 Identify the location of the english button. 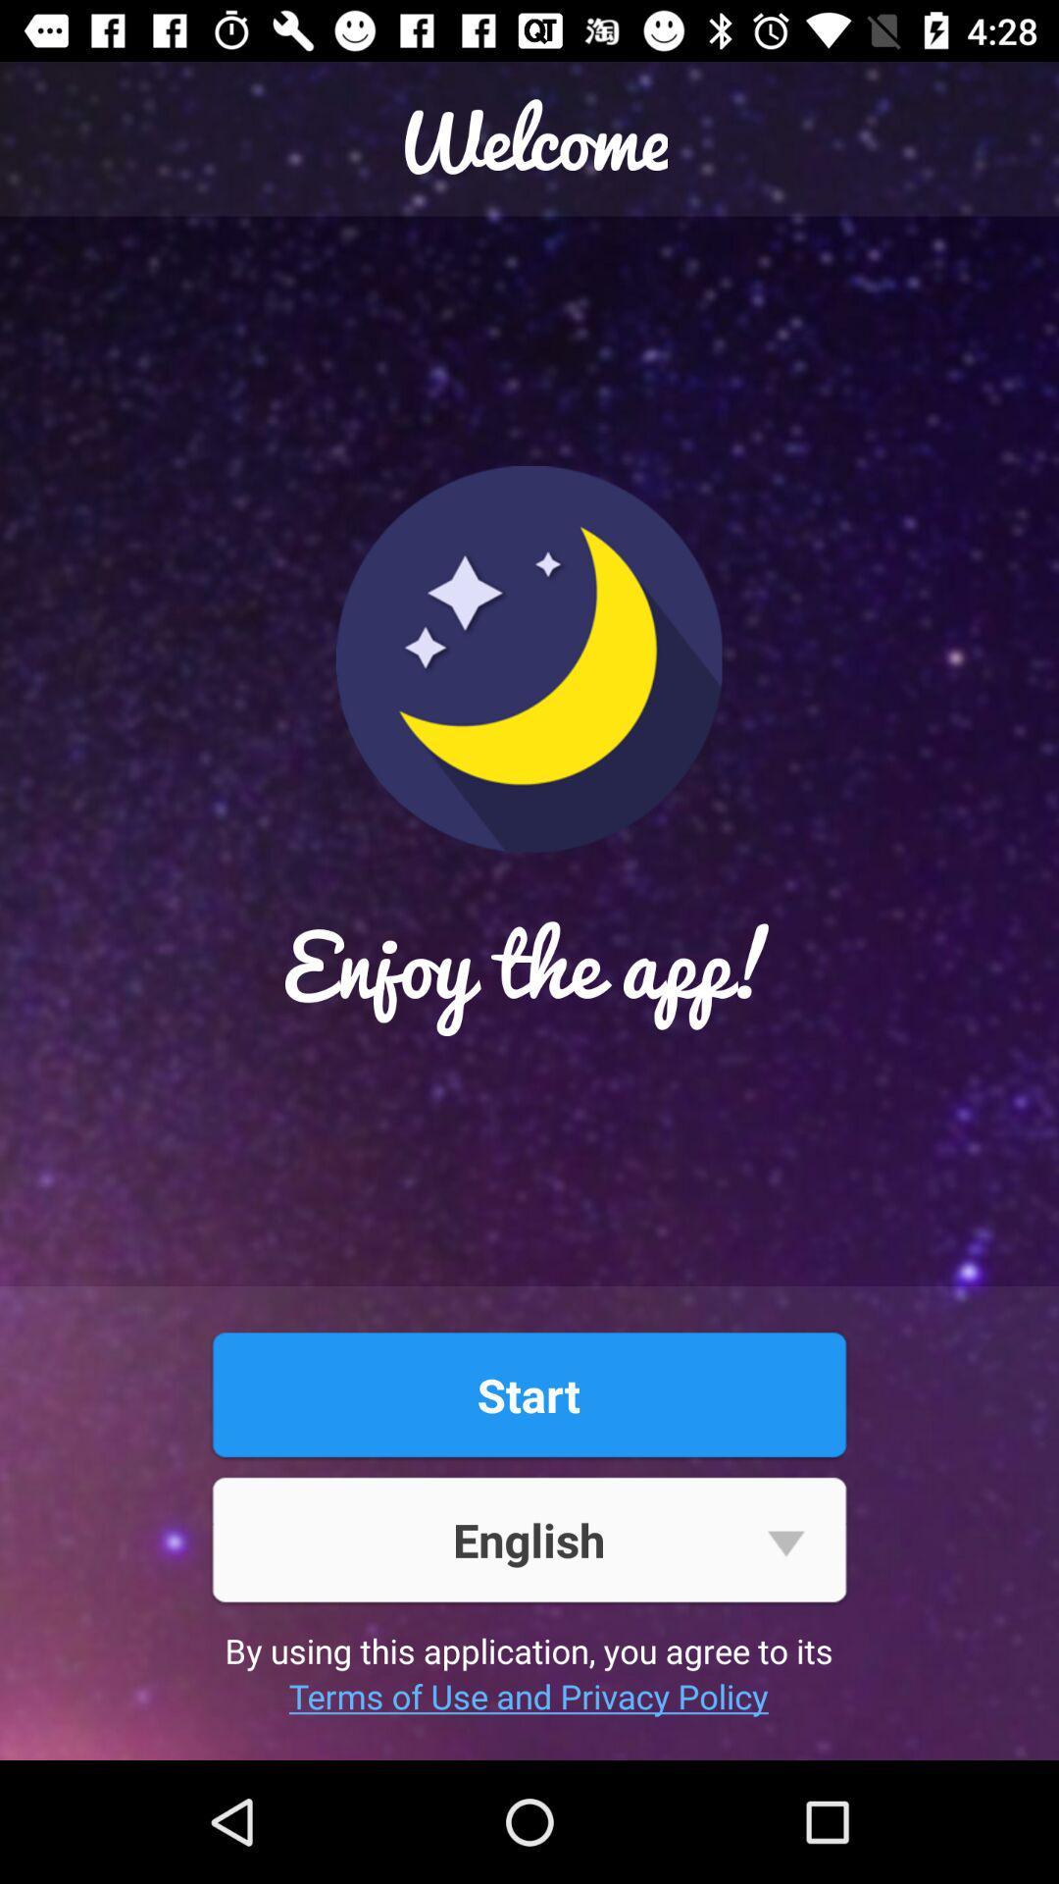
(528, 1539).